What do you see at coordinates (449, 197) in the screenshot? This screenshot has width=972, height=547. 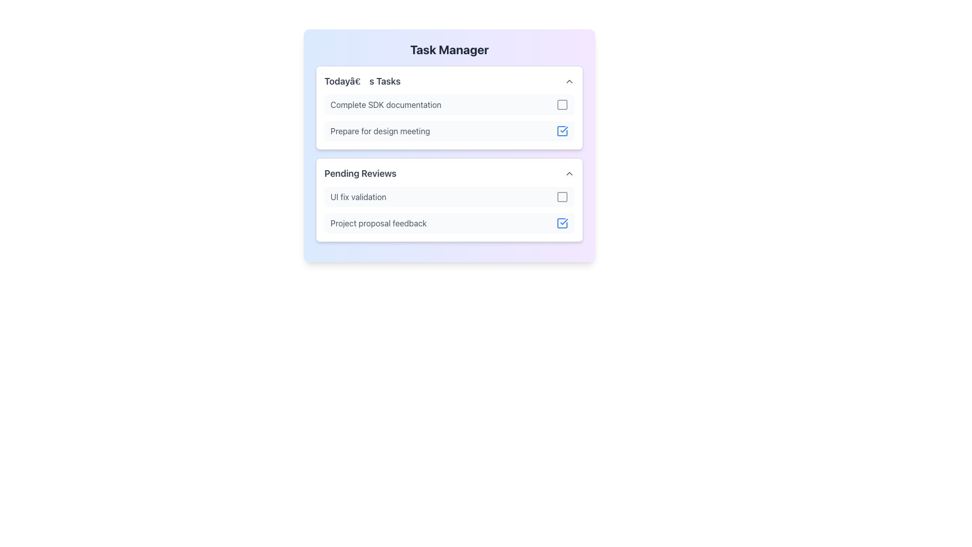 I see `the 'UI fix validation' task item with checkbox located in the 'Pending Reviews' section` at bounding box center [449, 197].